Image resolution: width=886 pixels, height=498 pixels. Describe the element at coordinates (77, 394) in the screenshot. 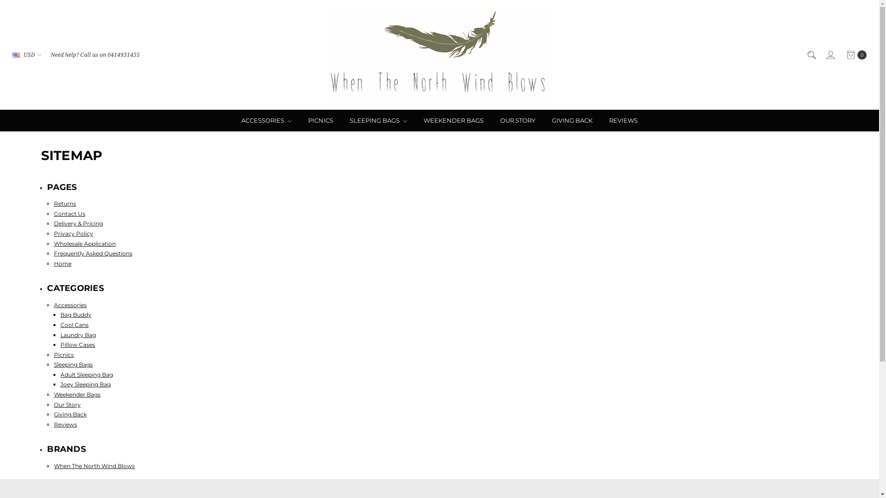

I see `'Weekender Bags'` at that location.